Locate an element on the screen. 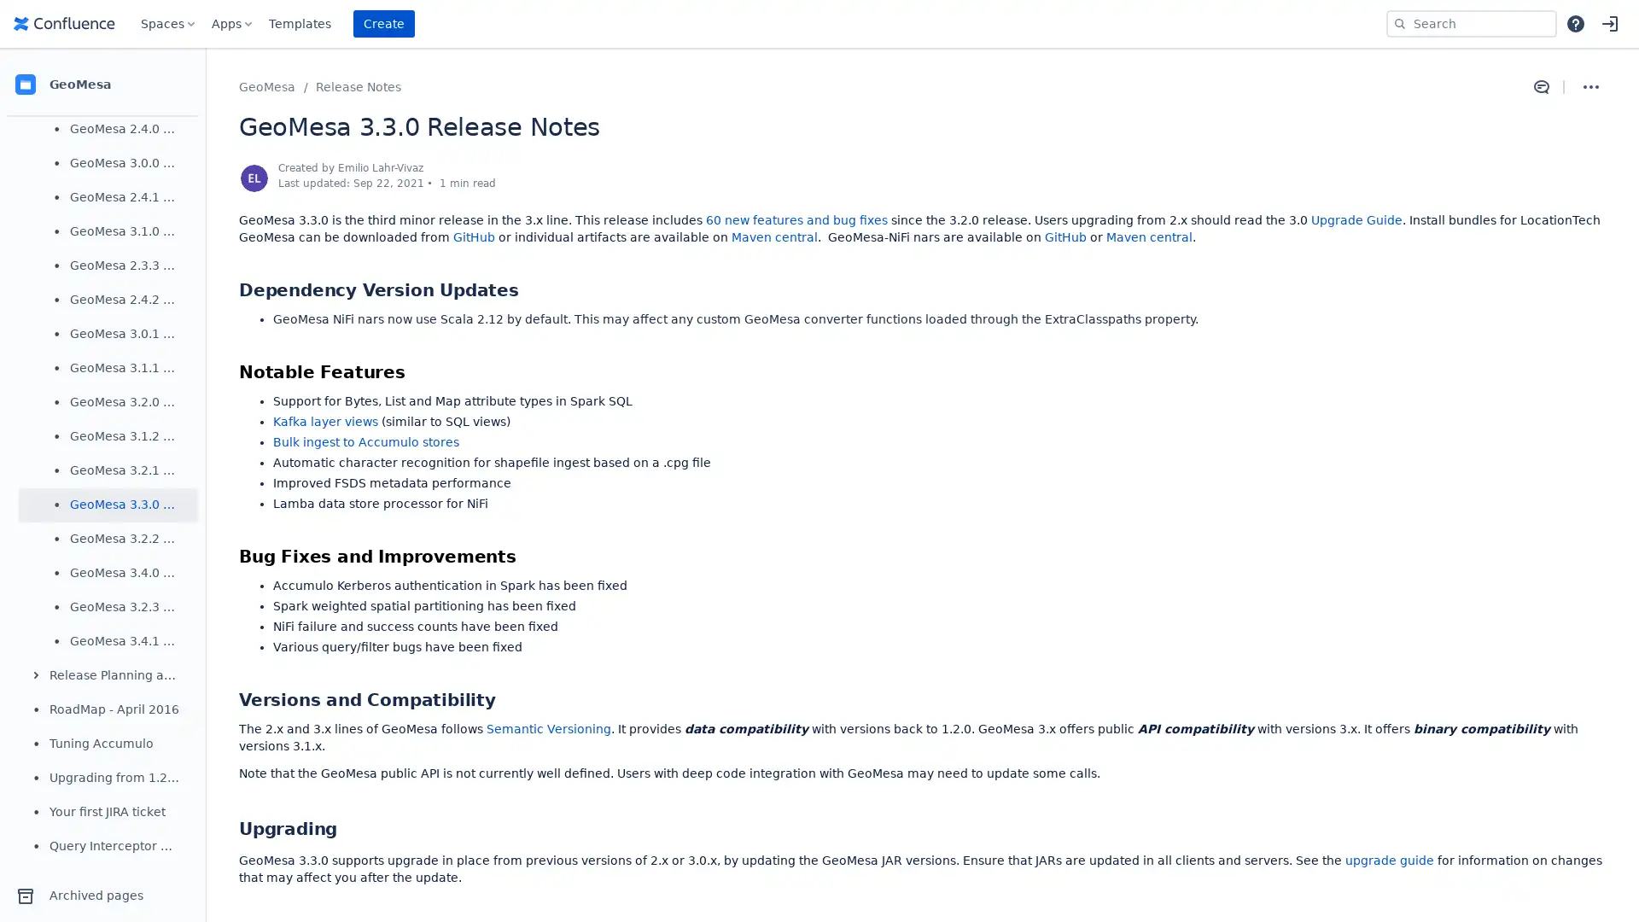 The height and width of the screenshot is (922, 1639). Collapse sidebar is located at coordinates (205, 85).